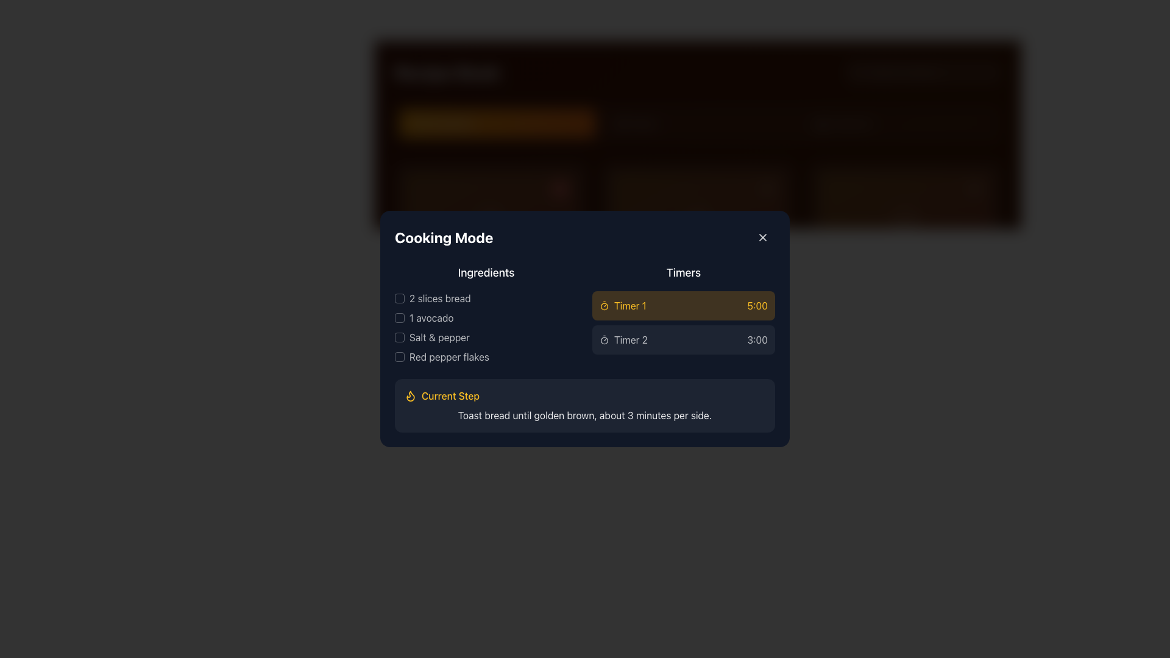 This screenshot has height=658, width=1170. Describe the element at coordinates (684, 305) in the screenshot. I see `the Timer display labeled 'Timer 1'` at that location.